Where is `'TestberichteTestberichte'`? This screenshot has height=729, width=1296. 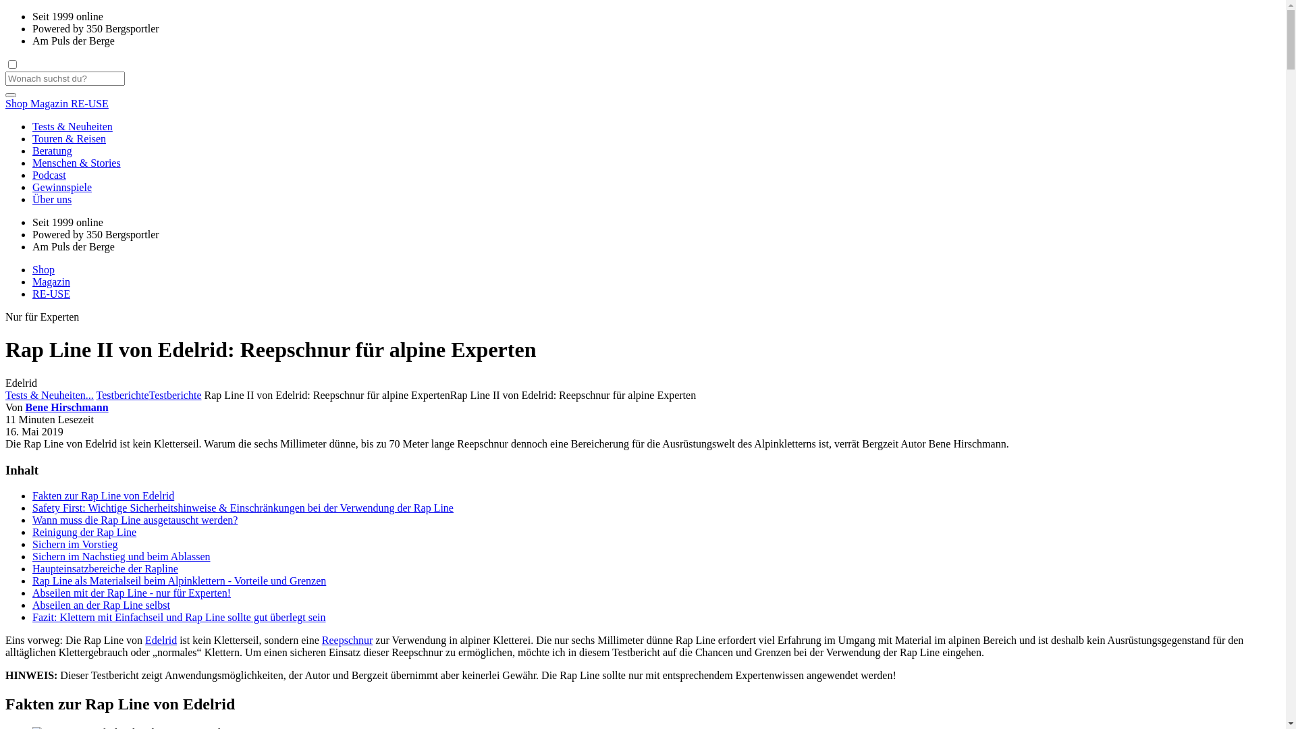
'TestberichteTestberichte' is located at coordinates (96, 395).